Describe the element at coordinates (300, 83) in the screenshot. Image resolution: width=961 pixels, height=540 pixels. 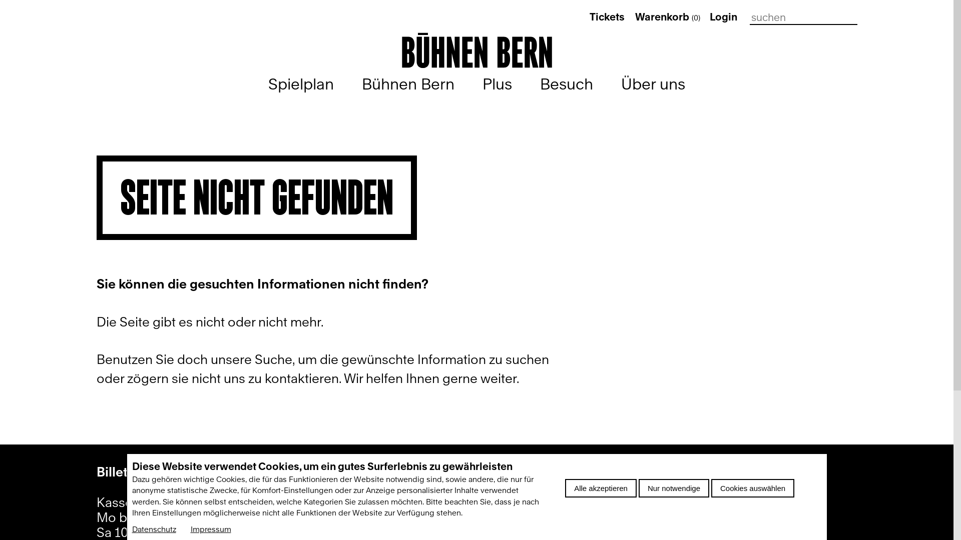
I see `'Spielplan'` at that location.